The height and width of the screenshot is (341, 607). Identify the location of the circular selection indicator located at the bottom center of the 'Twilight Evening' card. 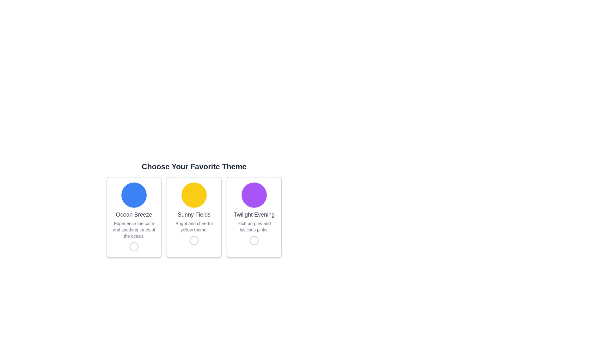
(254, 241).